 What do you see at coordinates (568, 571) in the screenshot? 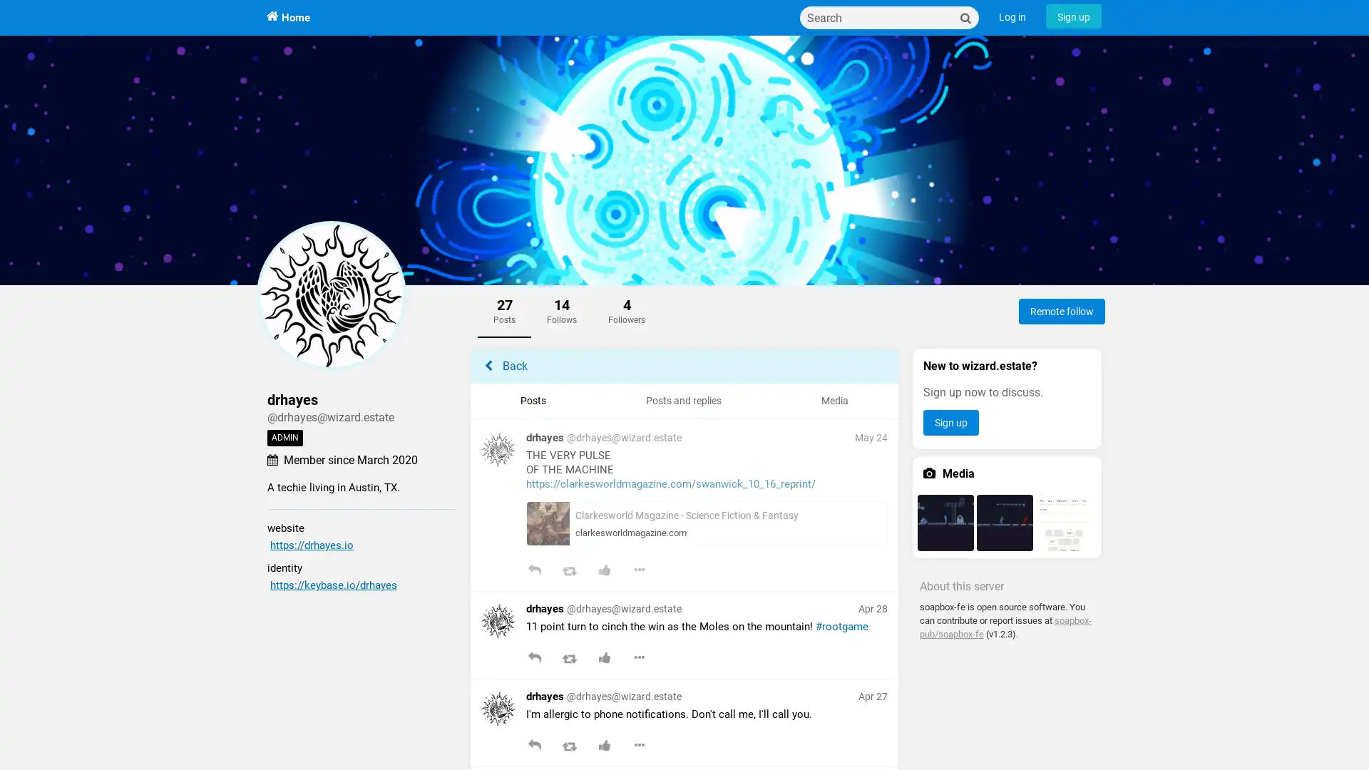
I see `Repost` at bounding box center [568, 571].